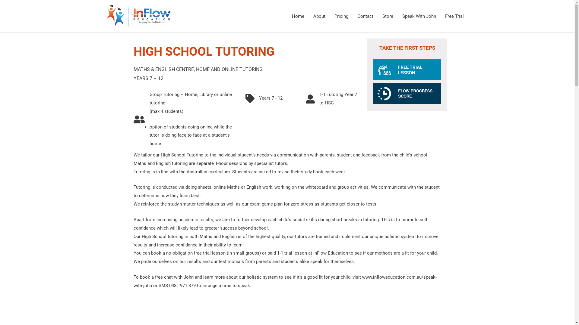  I want to click on 'About', so click(319, 16).